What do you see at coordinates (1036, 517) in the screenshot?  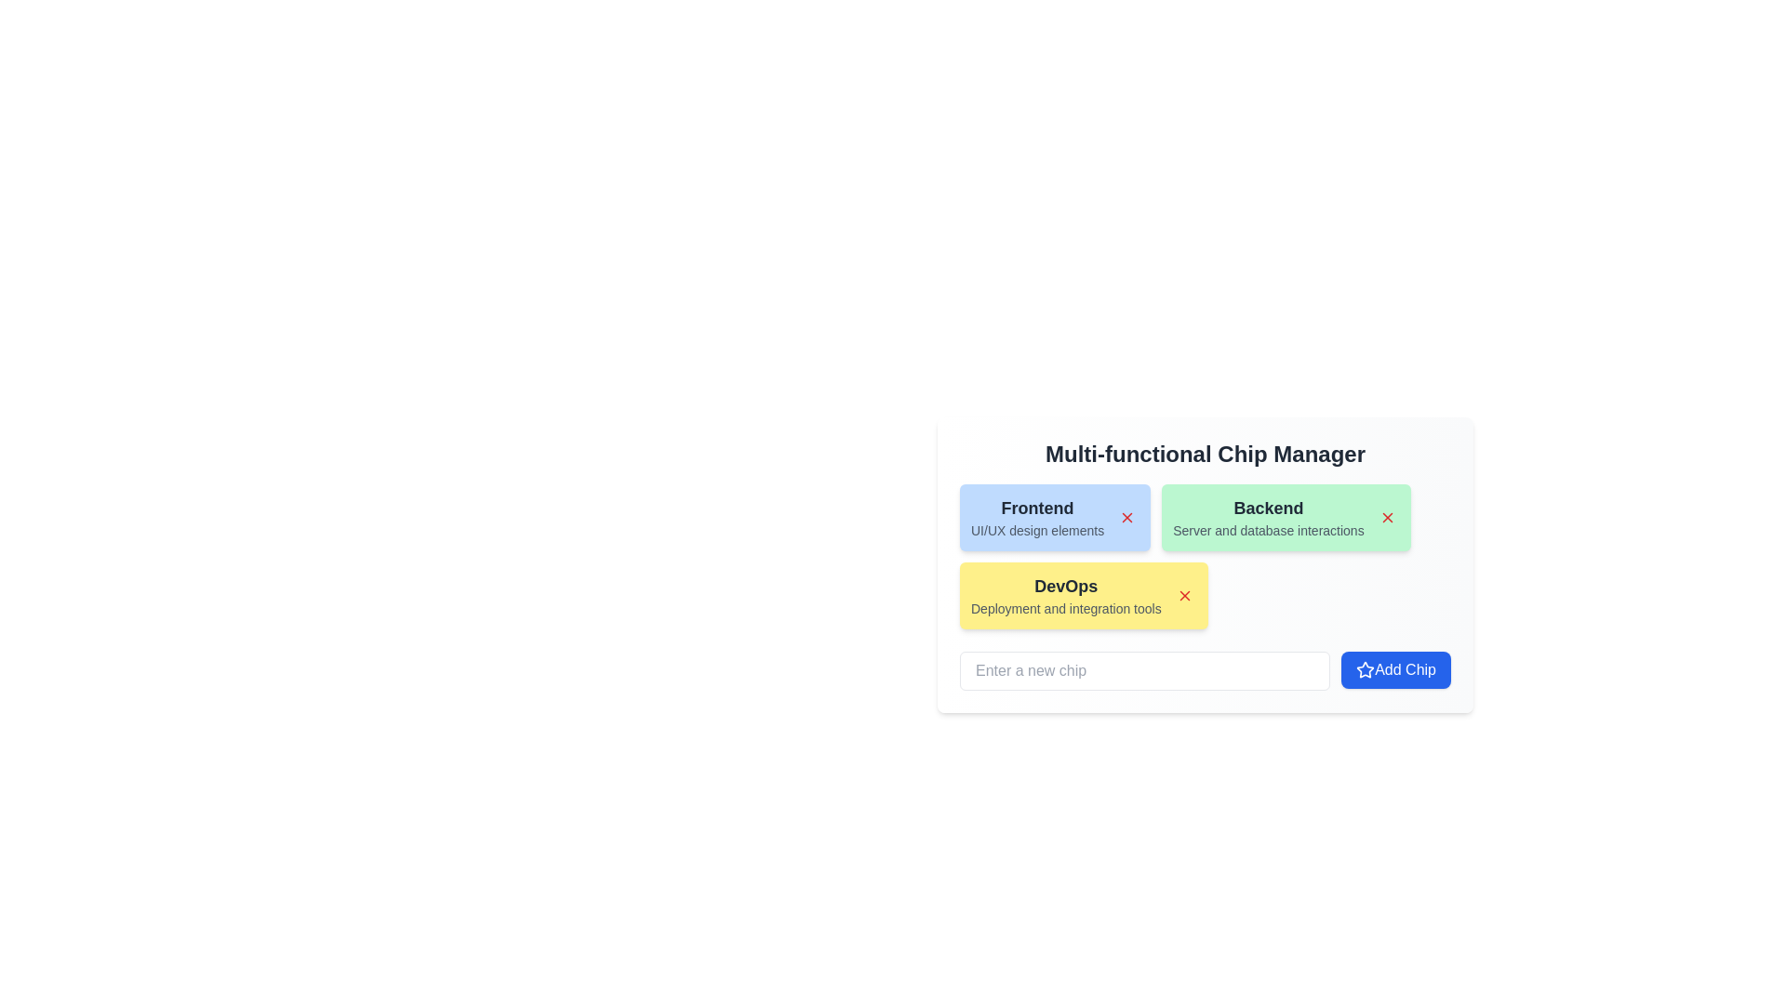 I see `the Text label located within the blue chip on the leftmost side of a group of chips, positioned above a smaller red 'X' icon` at bounding box center [1036, 517].